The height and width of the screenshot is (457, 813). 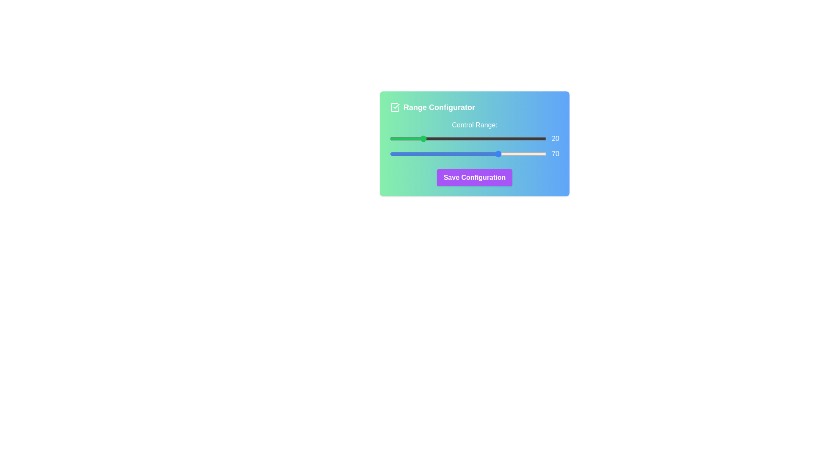 What do you see at coordinates (496, 138) in the screenshot?
I see `the start range slider to set the value to 68` at bounding box center [496, 138].